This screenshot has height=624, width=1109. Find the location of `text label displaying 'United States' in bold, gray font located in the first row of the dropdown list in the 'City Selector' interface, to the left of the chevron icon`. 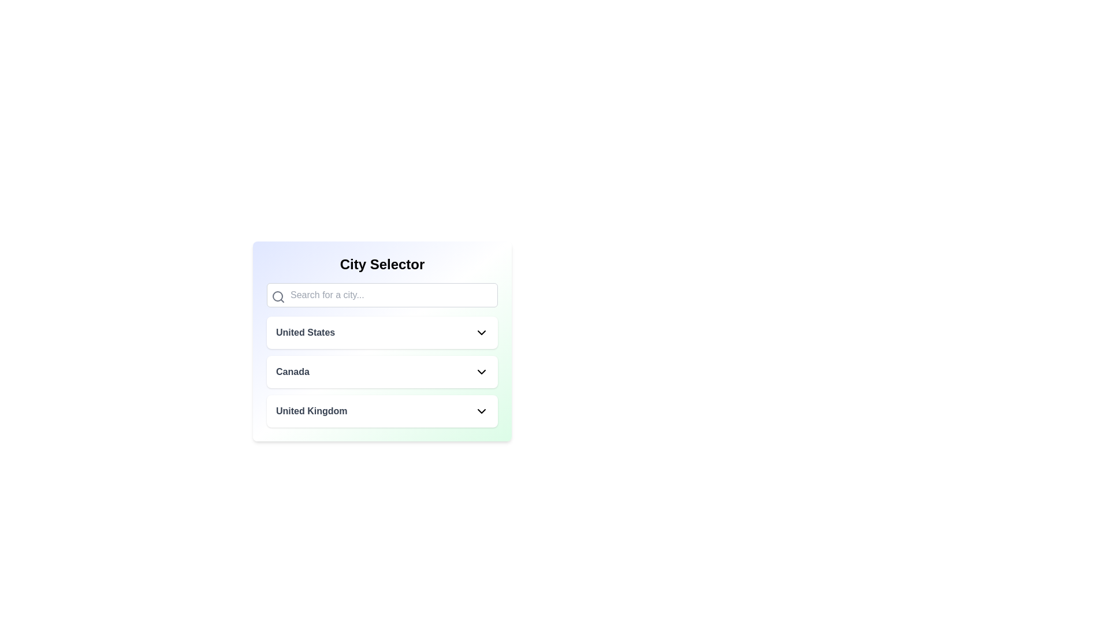

text label displaying 'United States' in bold, gray font located in the first row of the dropdown list in the 'City Selector' interface, to the left of the chevron icon is located at coordinates (306, 332).